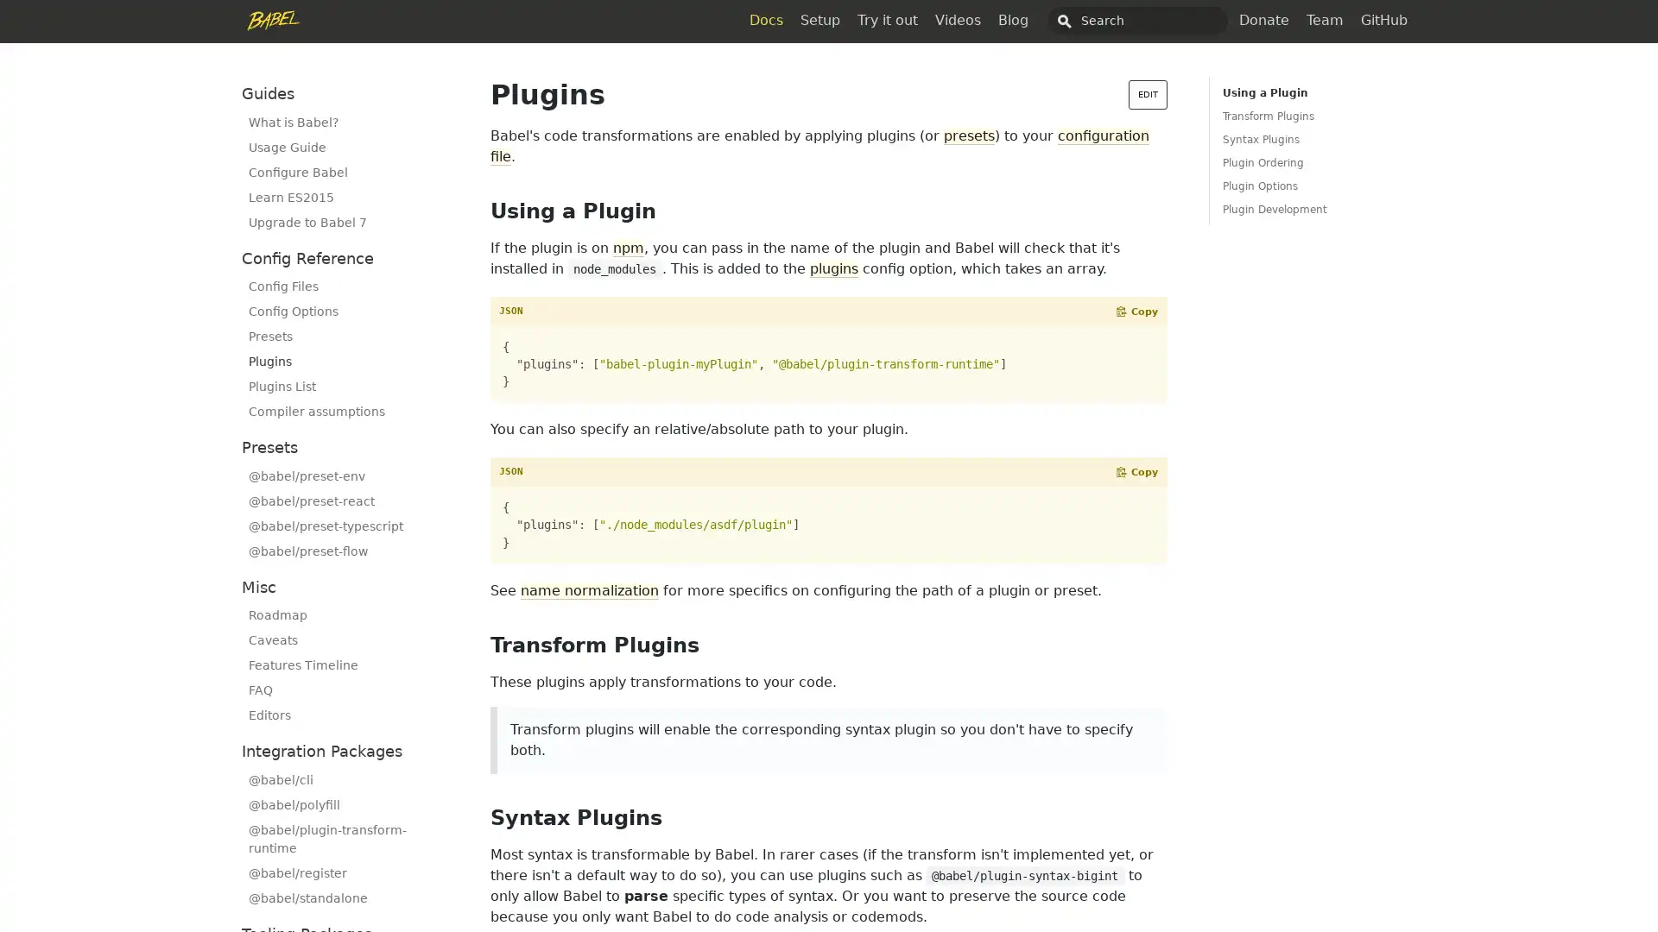 This screenshot has width=1658, height=932. Describe the element at coordinates (1136, 472) in the screenshot. I see `Copy code to clipboard` at that location.